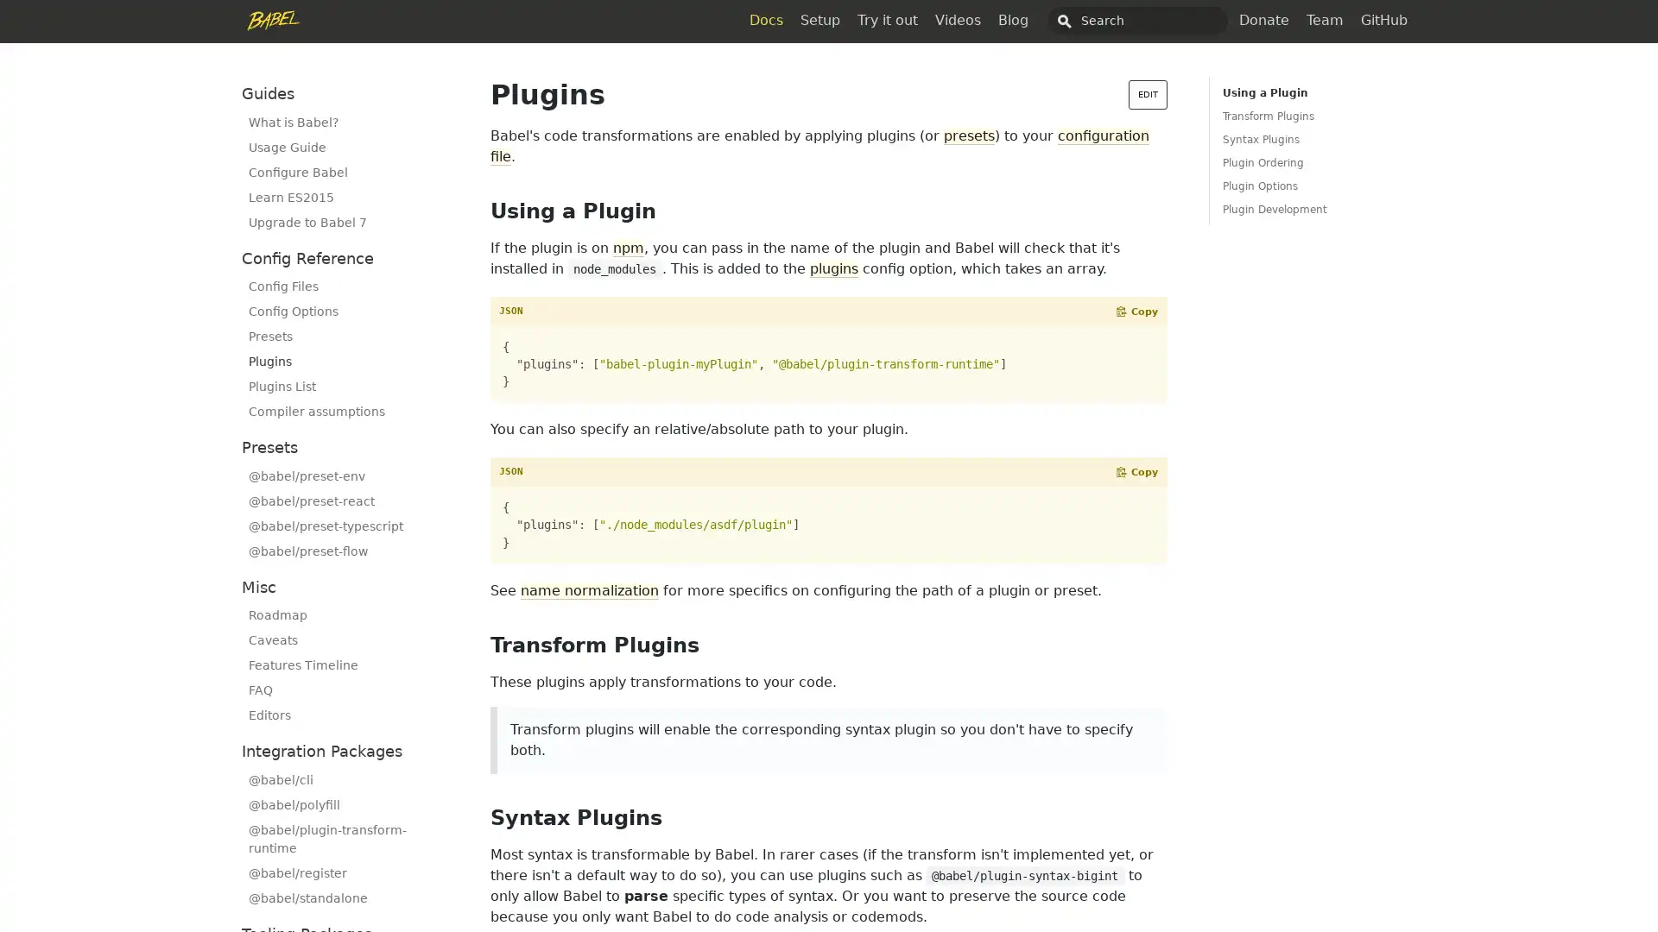 This screenshot has width=1658, height=932. Describe the element at coordinates (1136, 472) in the screenshot. I see `Copy code to clipboard` at that location.